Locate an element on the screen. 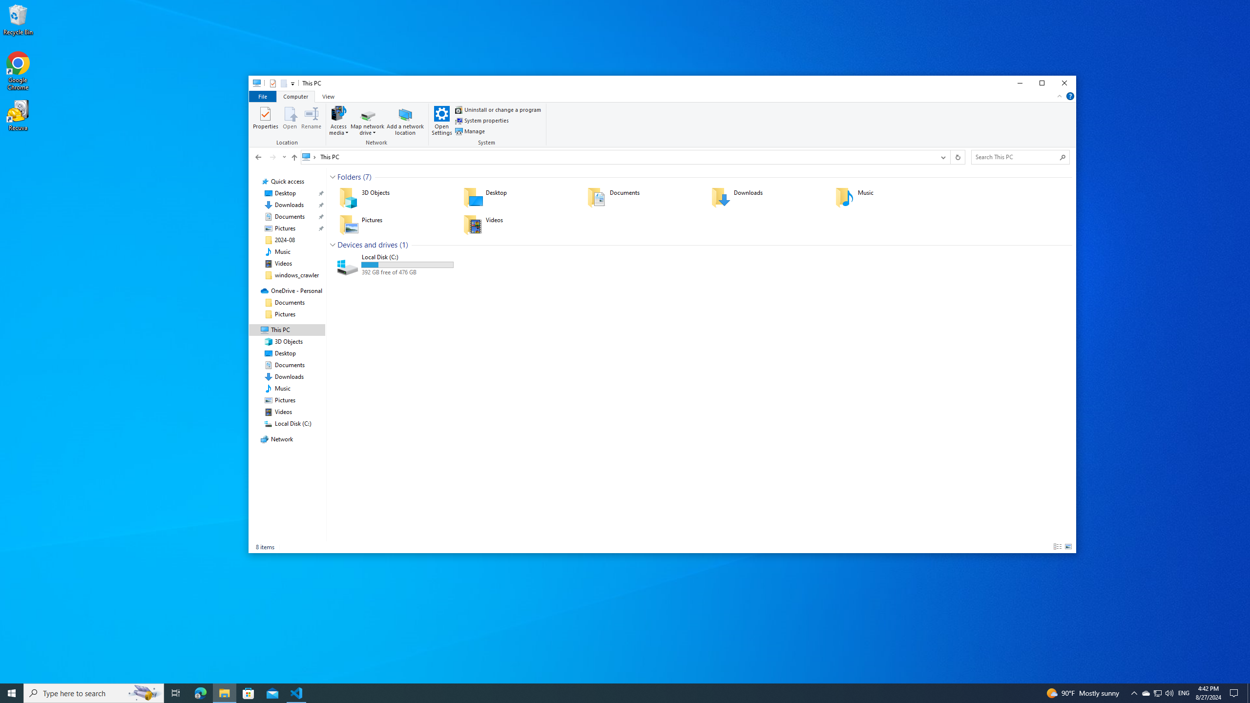 This screenshot has width=1250, height=703. 'Name' is located at coordinates (407, 257).